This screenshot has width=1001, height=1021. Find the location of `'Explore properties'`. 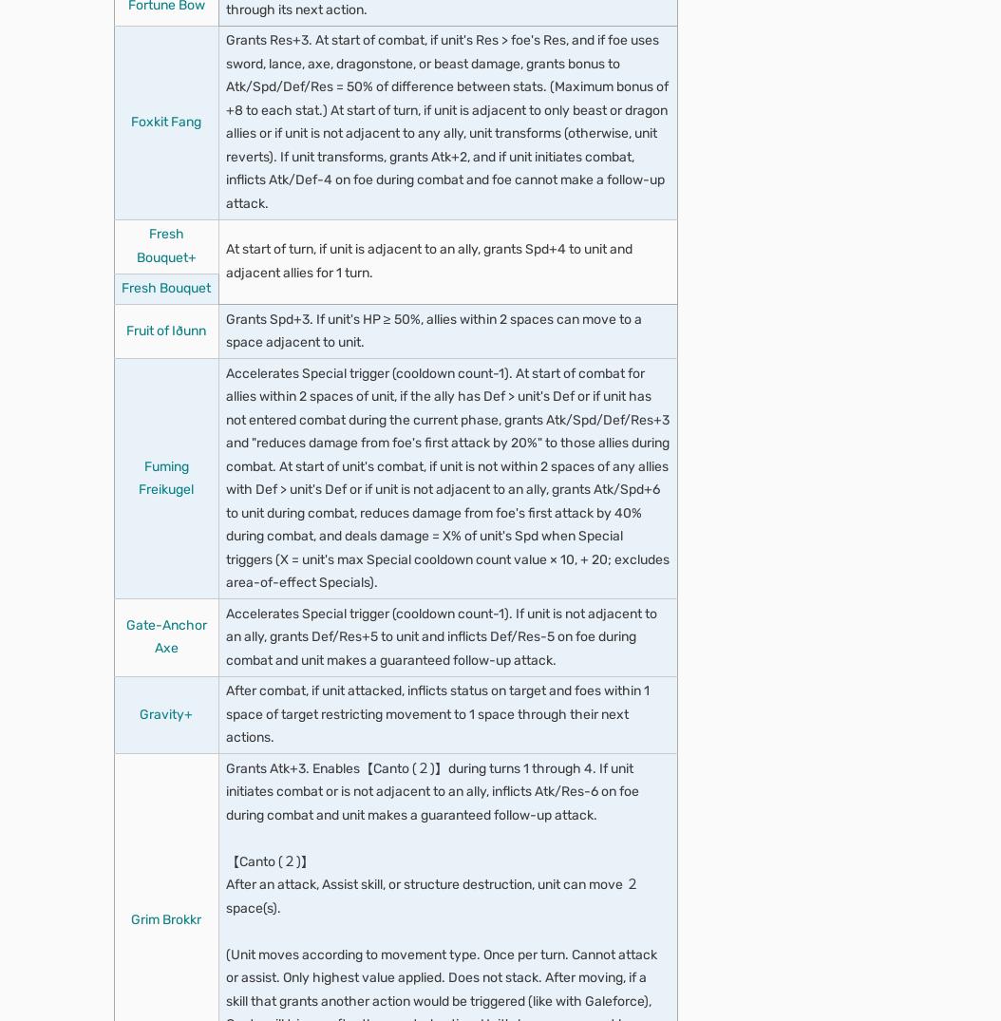

'Explore properties' is located at coordinates (143, 892).